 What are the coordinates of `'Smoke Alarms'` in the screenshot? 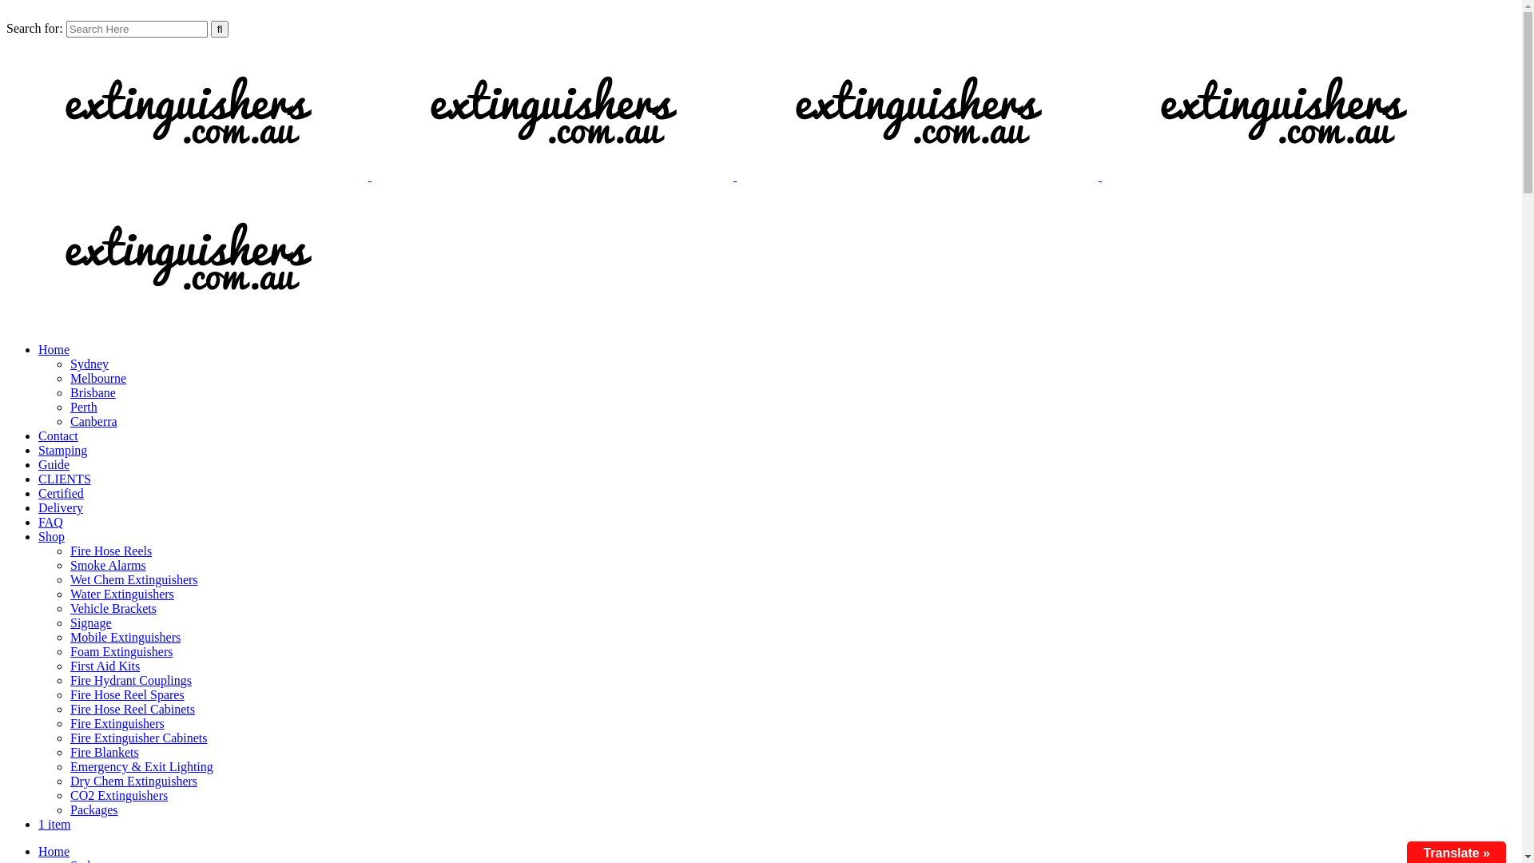 It's located at (107, 564).